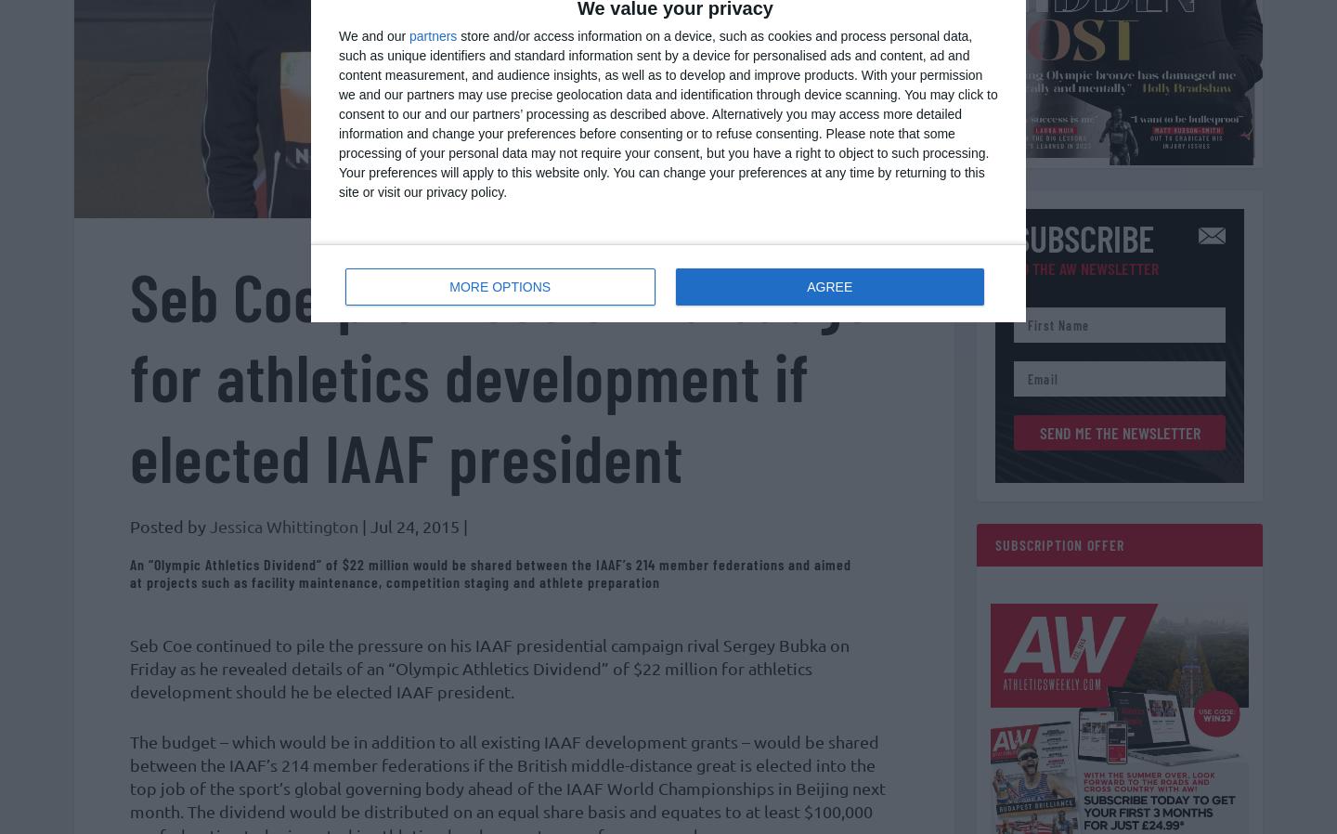 This screenshot has height=834, width=1337. Describe the element at coordinates (1086, 278) in the screenshot. I see `'to the AW Newsletter'` at that location.